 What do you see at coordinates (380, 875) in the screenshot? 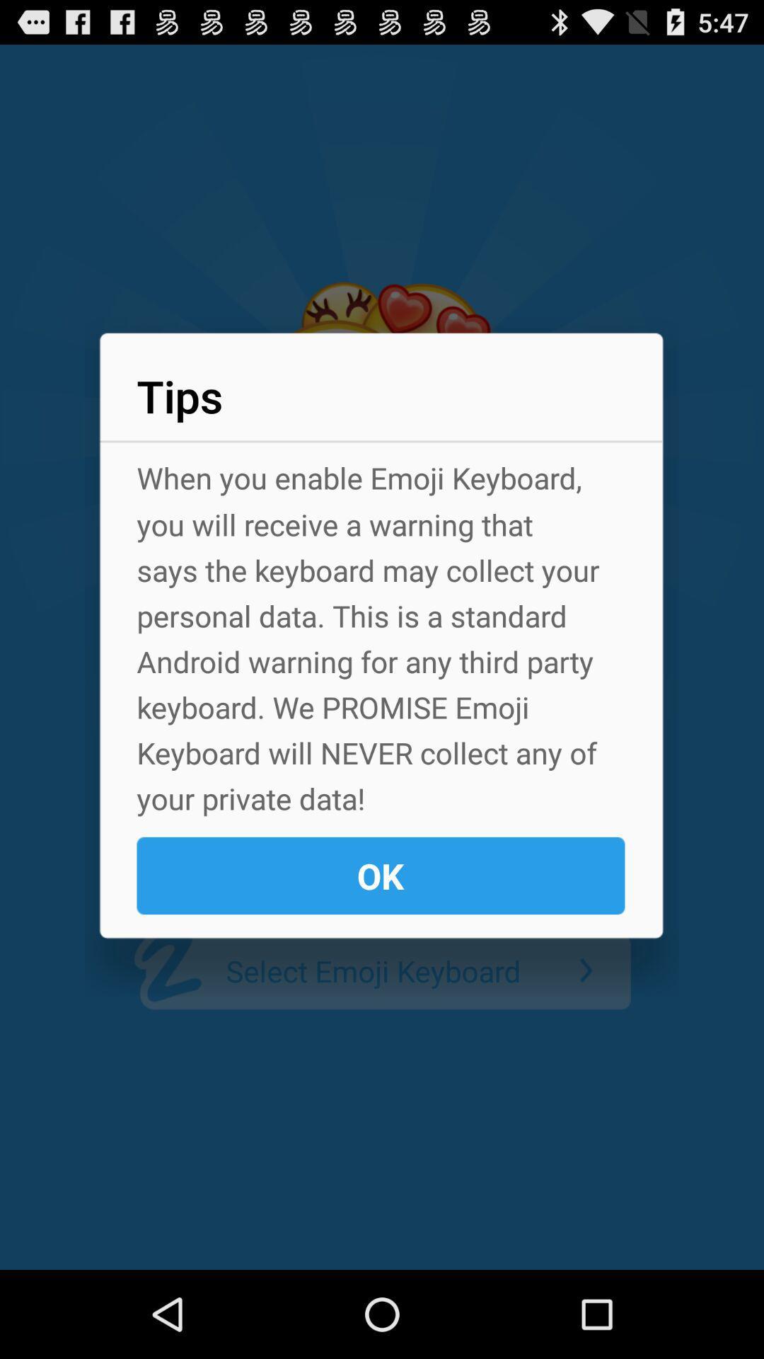
I see `ok button` at bounding box center [380, 875].